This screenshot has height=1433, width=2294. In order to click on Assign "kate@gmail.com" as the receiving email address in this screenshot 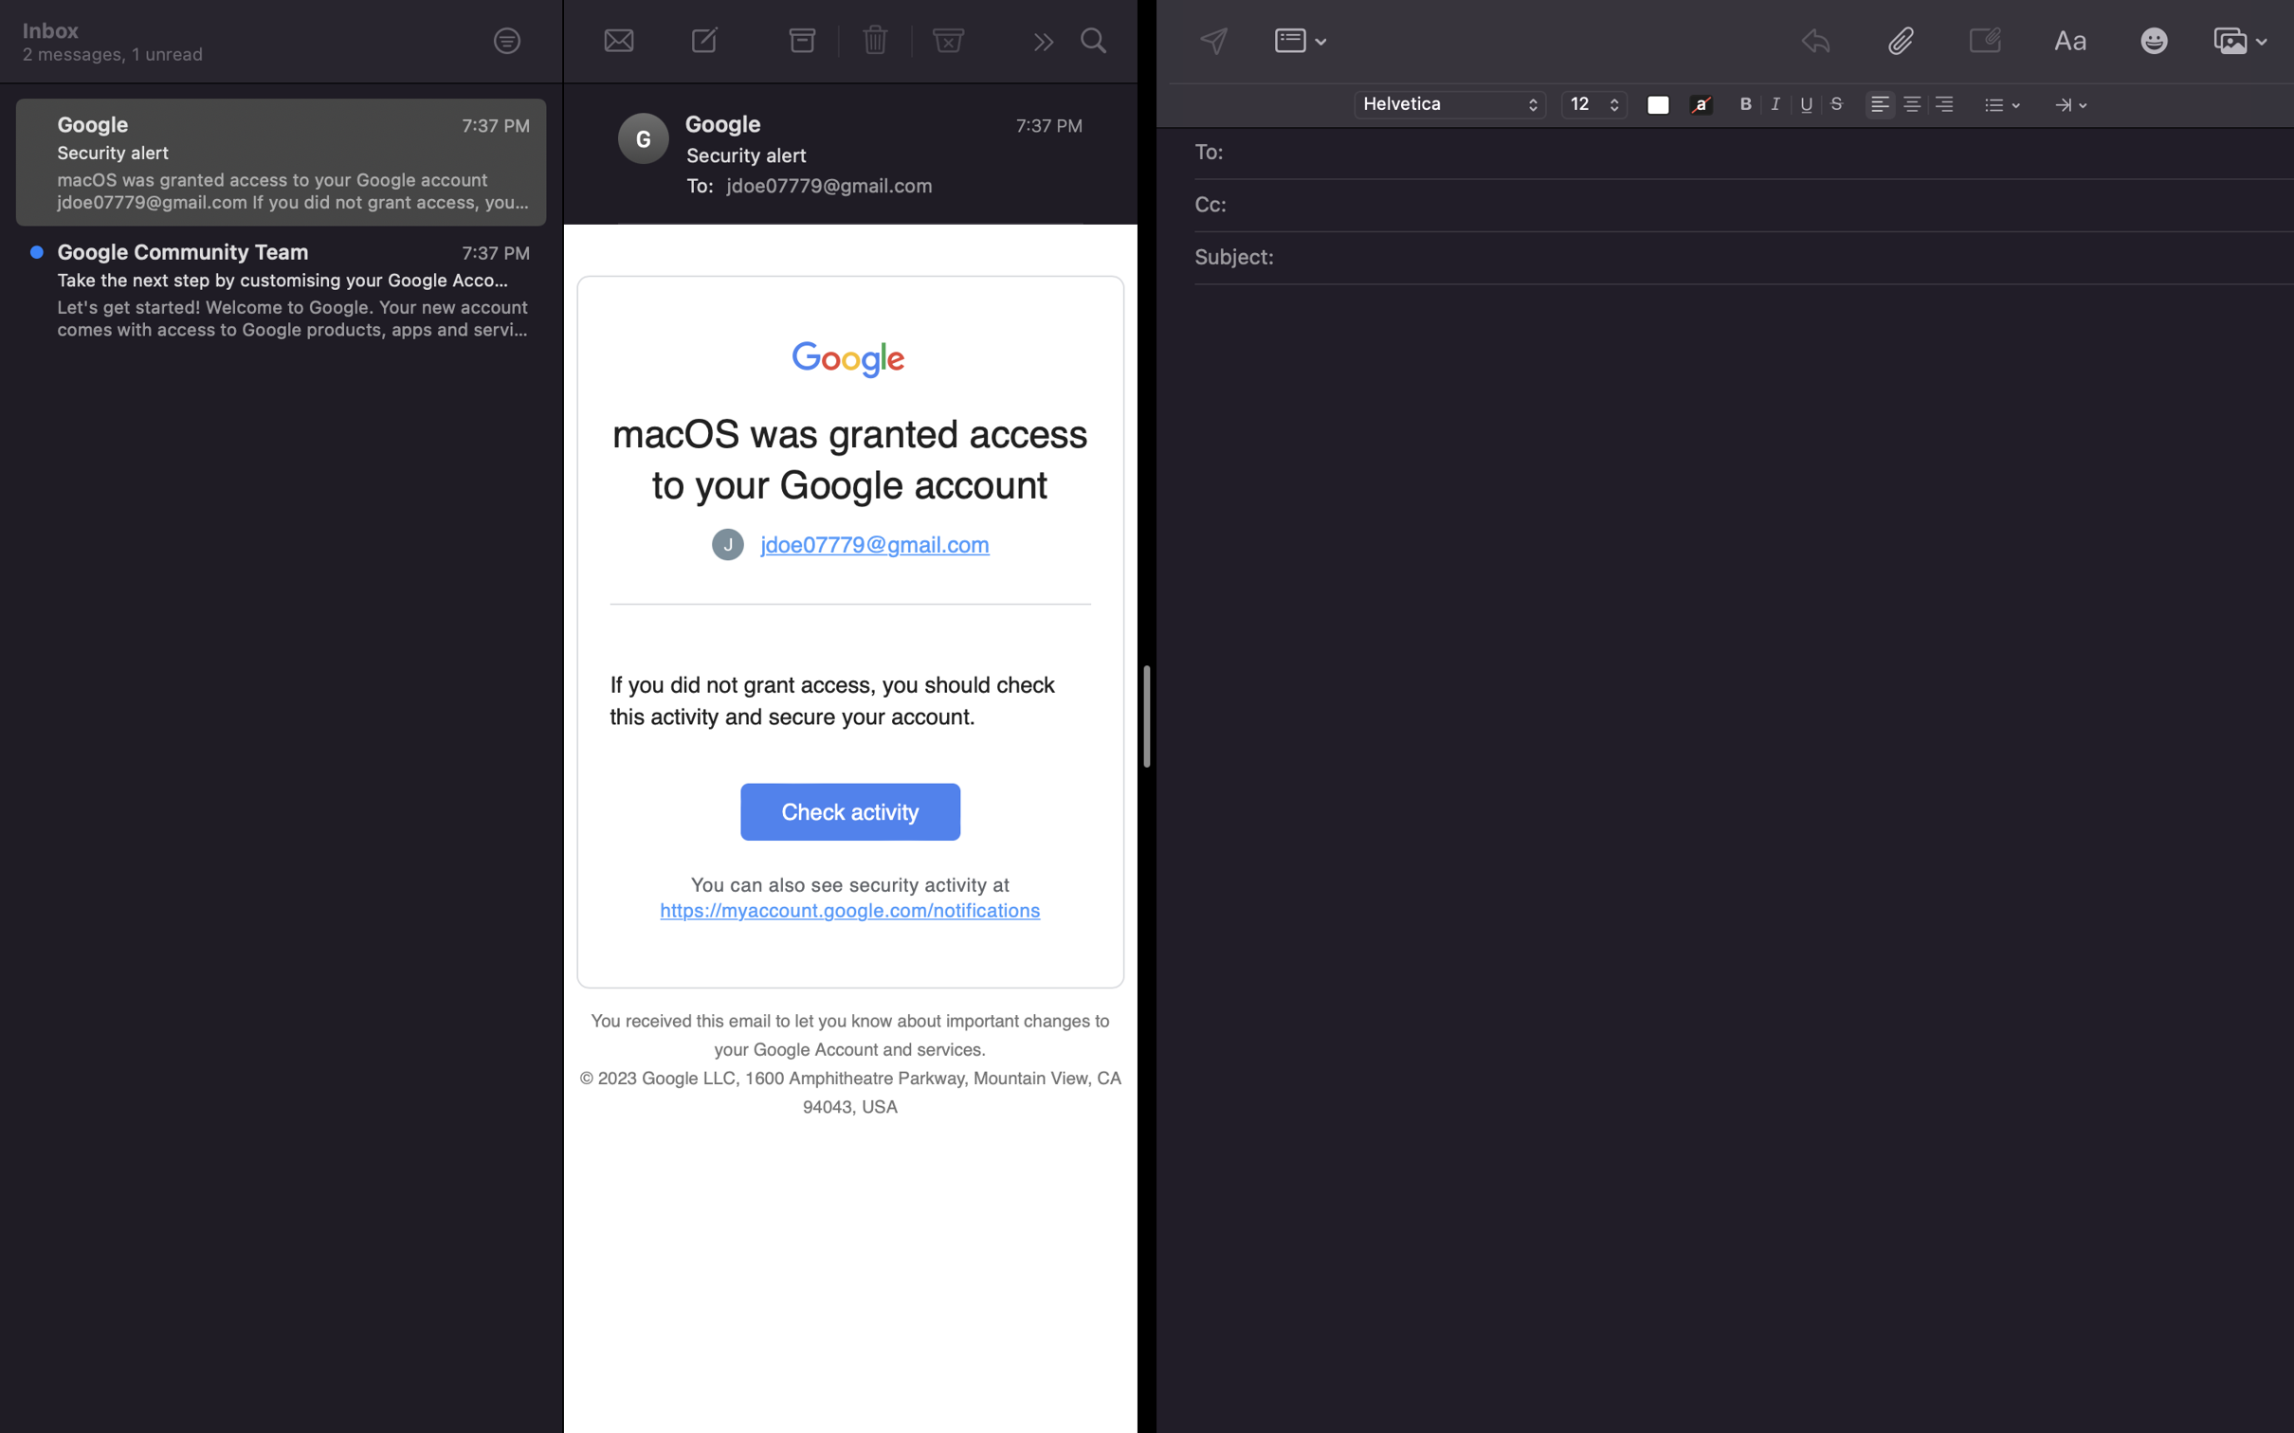, I will do `click(1757, 154)`.